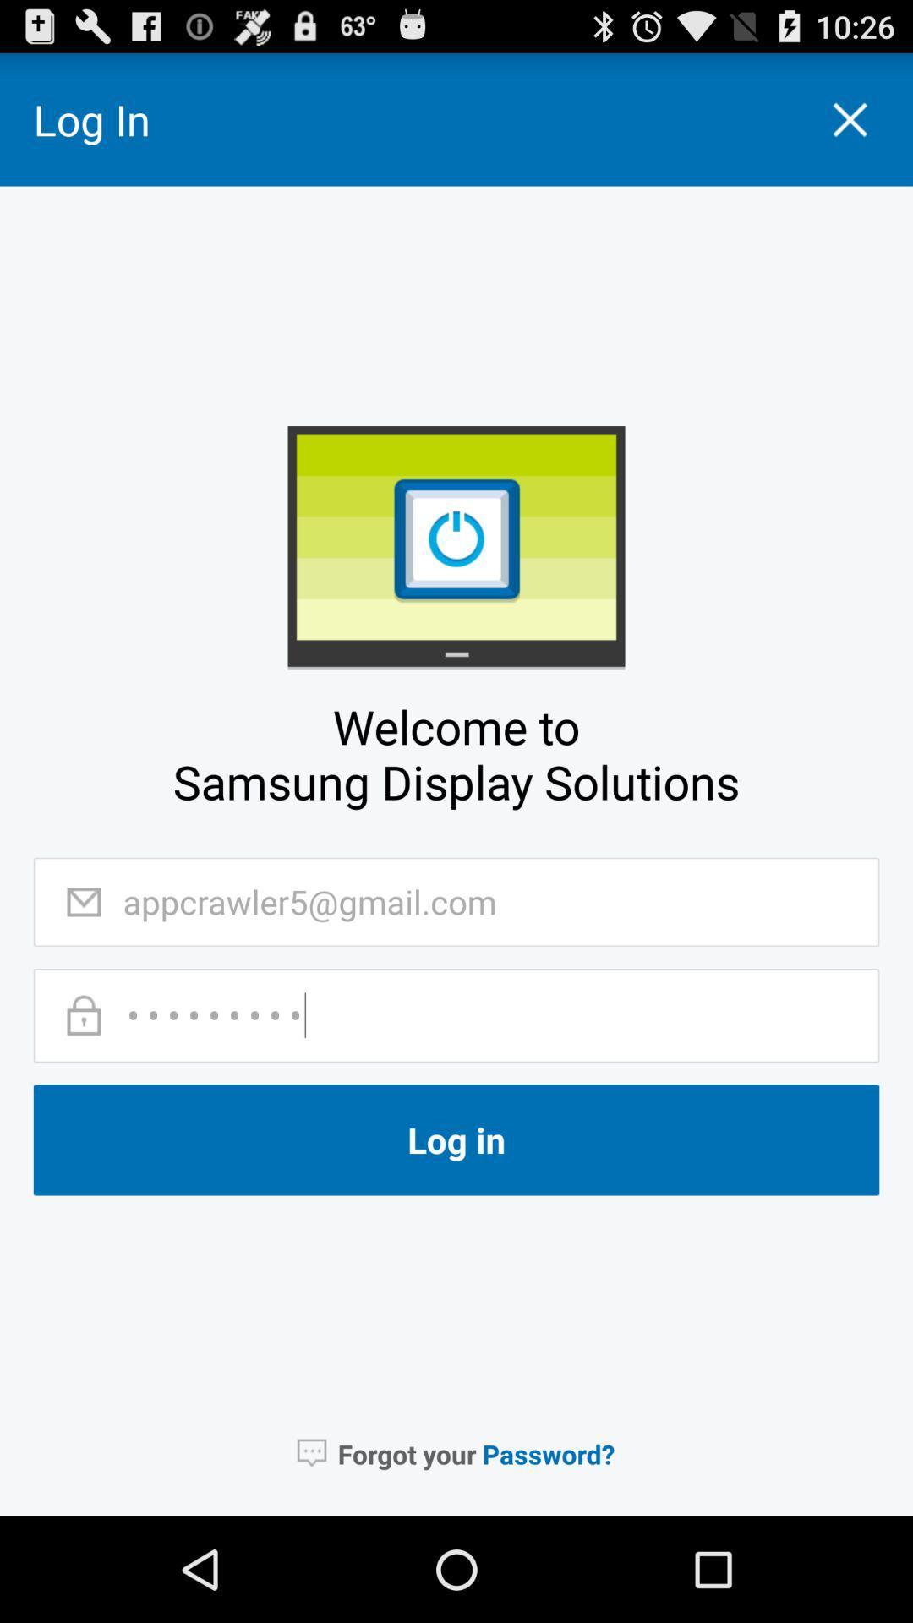 The image size is (913, 1623). Describe the element at coordinates (850, 118) in the screenshot. I see `the icon right side of log in` at that location.